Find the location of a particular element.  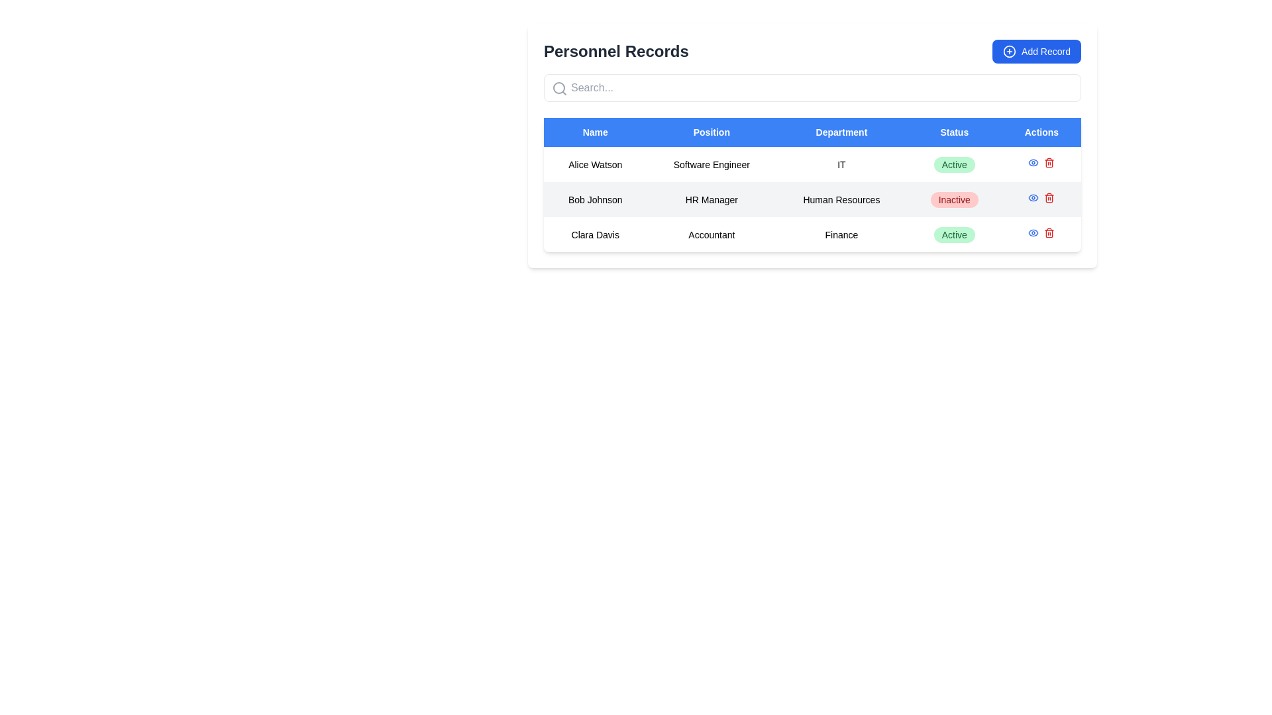

the button located in the top-right section of the interface's header area, adjacent to the title 'Personnel Records' is located at coordinates (1035, 50).